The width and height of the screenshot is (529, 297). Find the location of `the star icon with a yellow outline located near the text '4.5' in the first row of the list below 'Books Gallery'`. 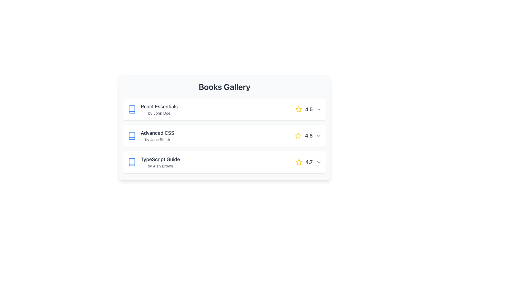

the star icon with a yellow outline located near the text '4.5' in the first row of the list below 'Books Gallery' is located at coordinates (298, 109).